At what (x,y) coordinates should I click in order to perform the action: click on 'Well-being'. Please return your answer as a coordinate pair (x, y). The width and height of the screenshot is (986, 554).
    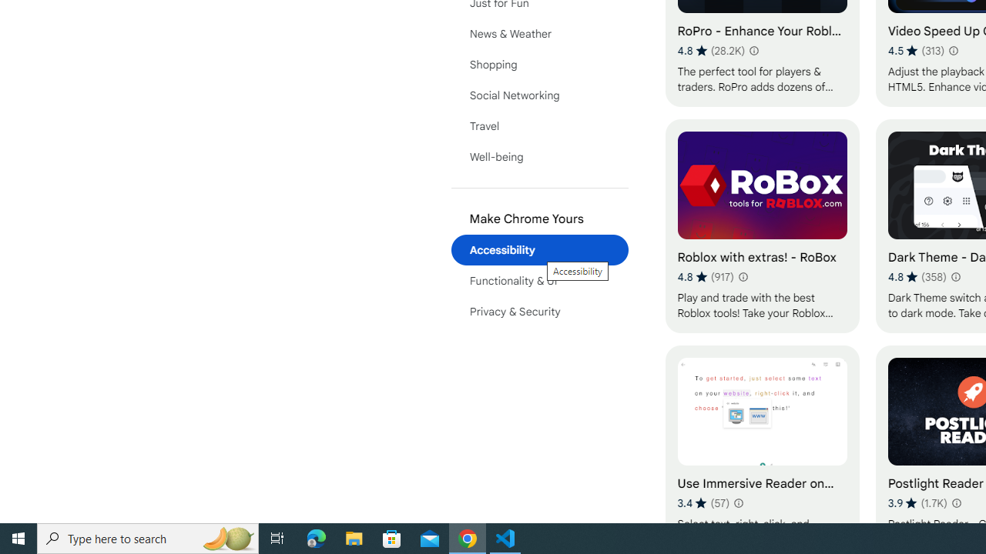
    Looking at the image, I should click on (539, 157).